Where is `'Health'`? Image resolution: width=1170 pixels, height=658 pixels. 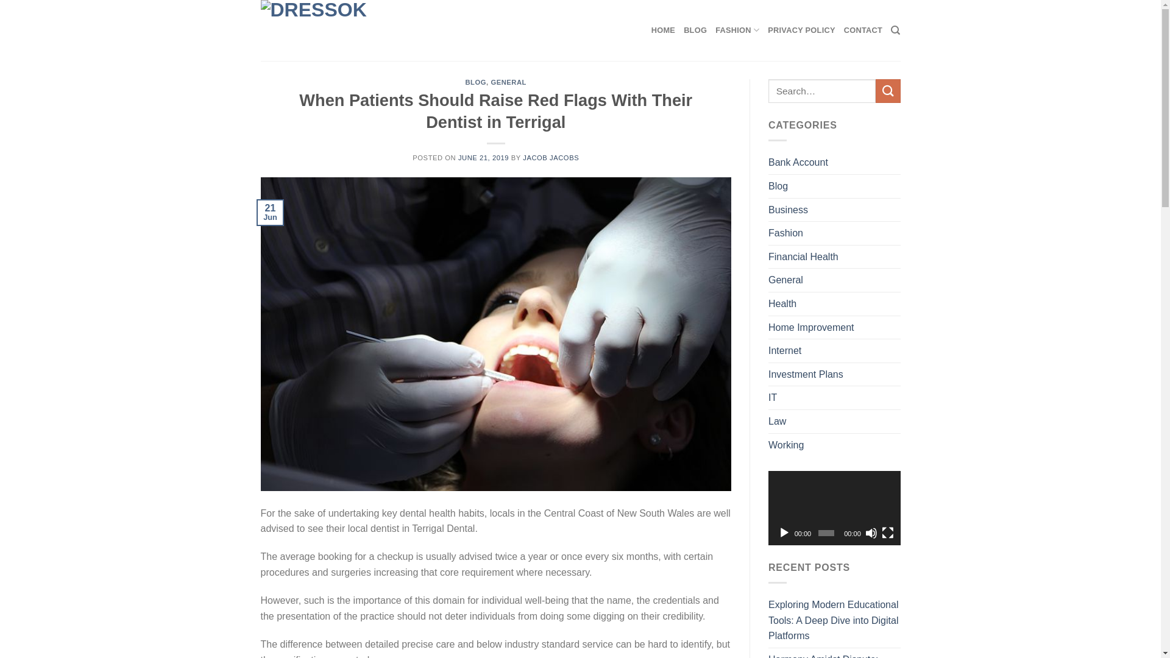
'Health' is located at coordinates (782, 303).